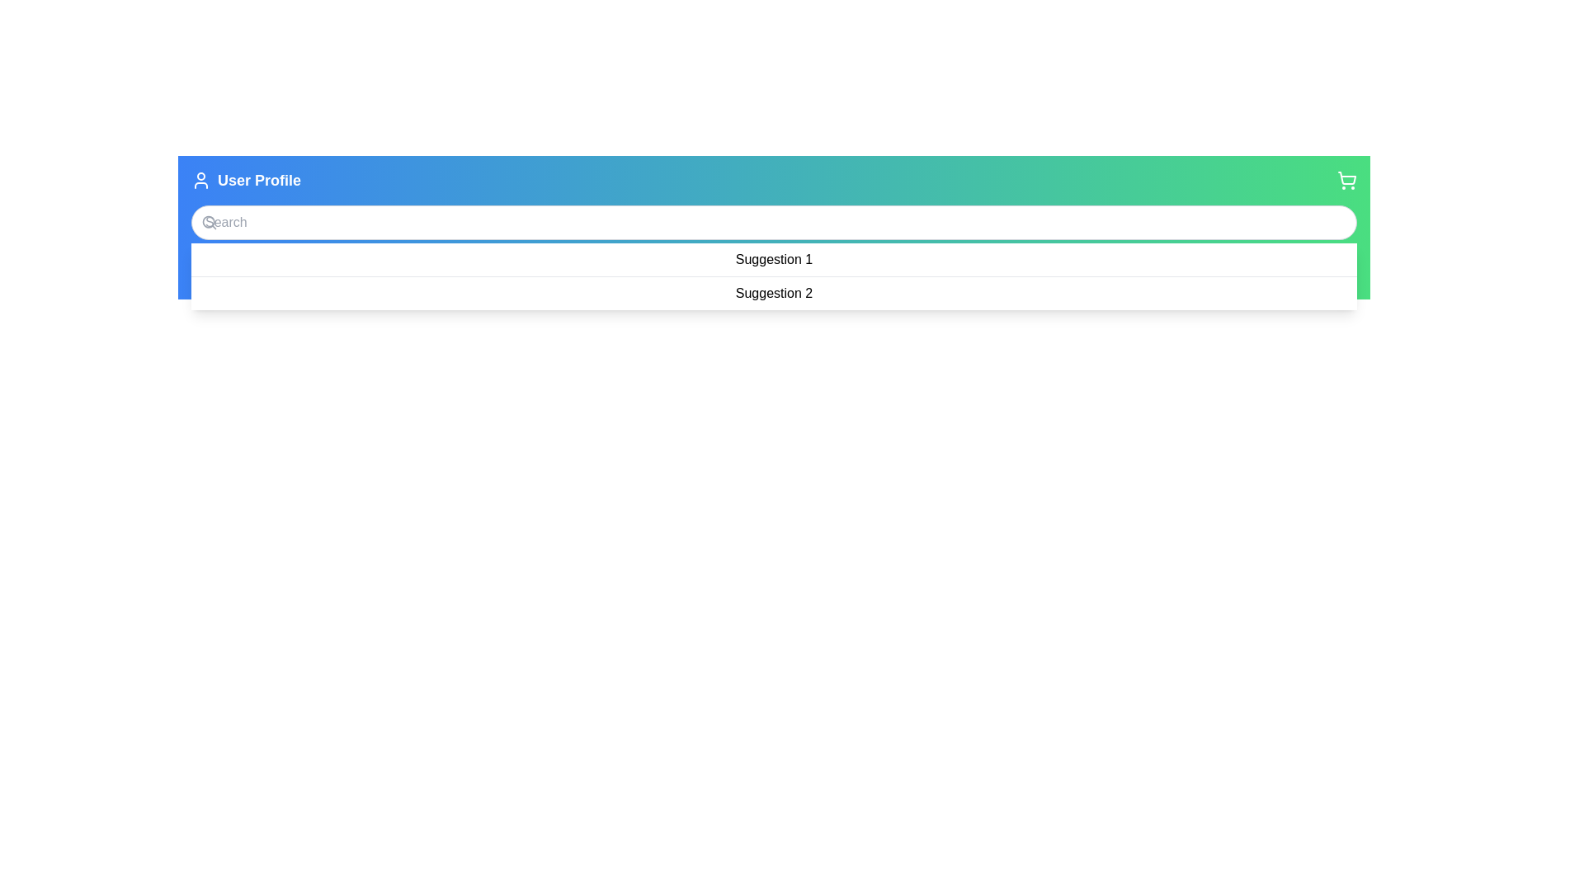 The height and width of the screenshot is (891, 1584). I want to click on the text label located below the grid layout icon, providing context or title for a related section, so click(331, 279).